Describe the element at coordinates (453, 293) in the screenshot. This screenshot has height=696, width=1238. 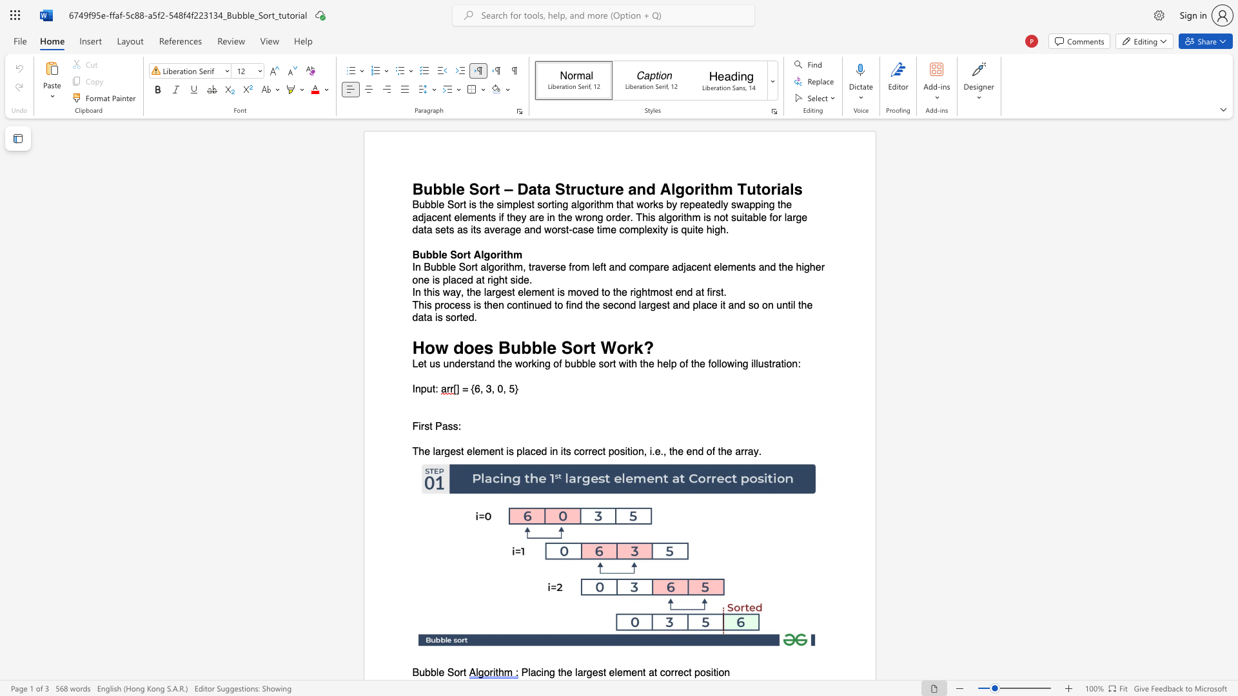
I see `the 1th character "a" in the text` at that location.